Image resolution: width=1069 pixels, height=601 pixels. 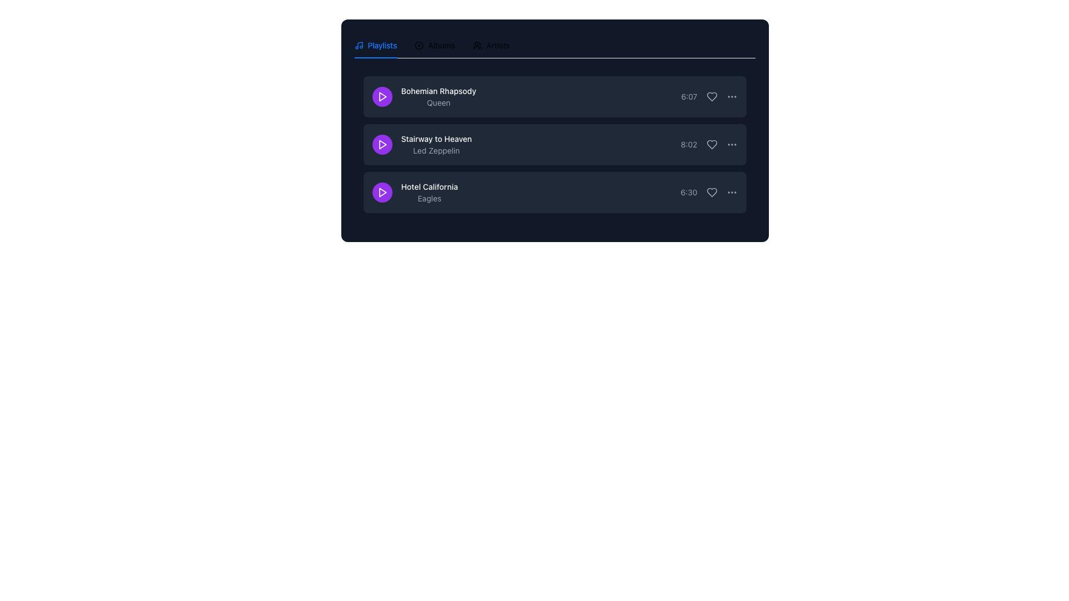 What do you see at coordinates (431, 45) in the screenshot?
I see `the 'Albums' tab in the navigation tab group to switch the displayed content to the Albums category` at bounding box center [431, 45].